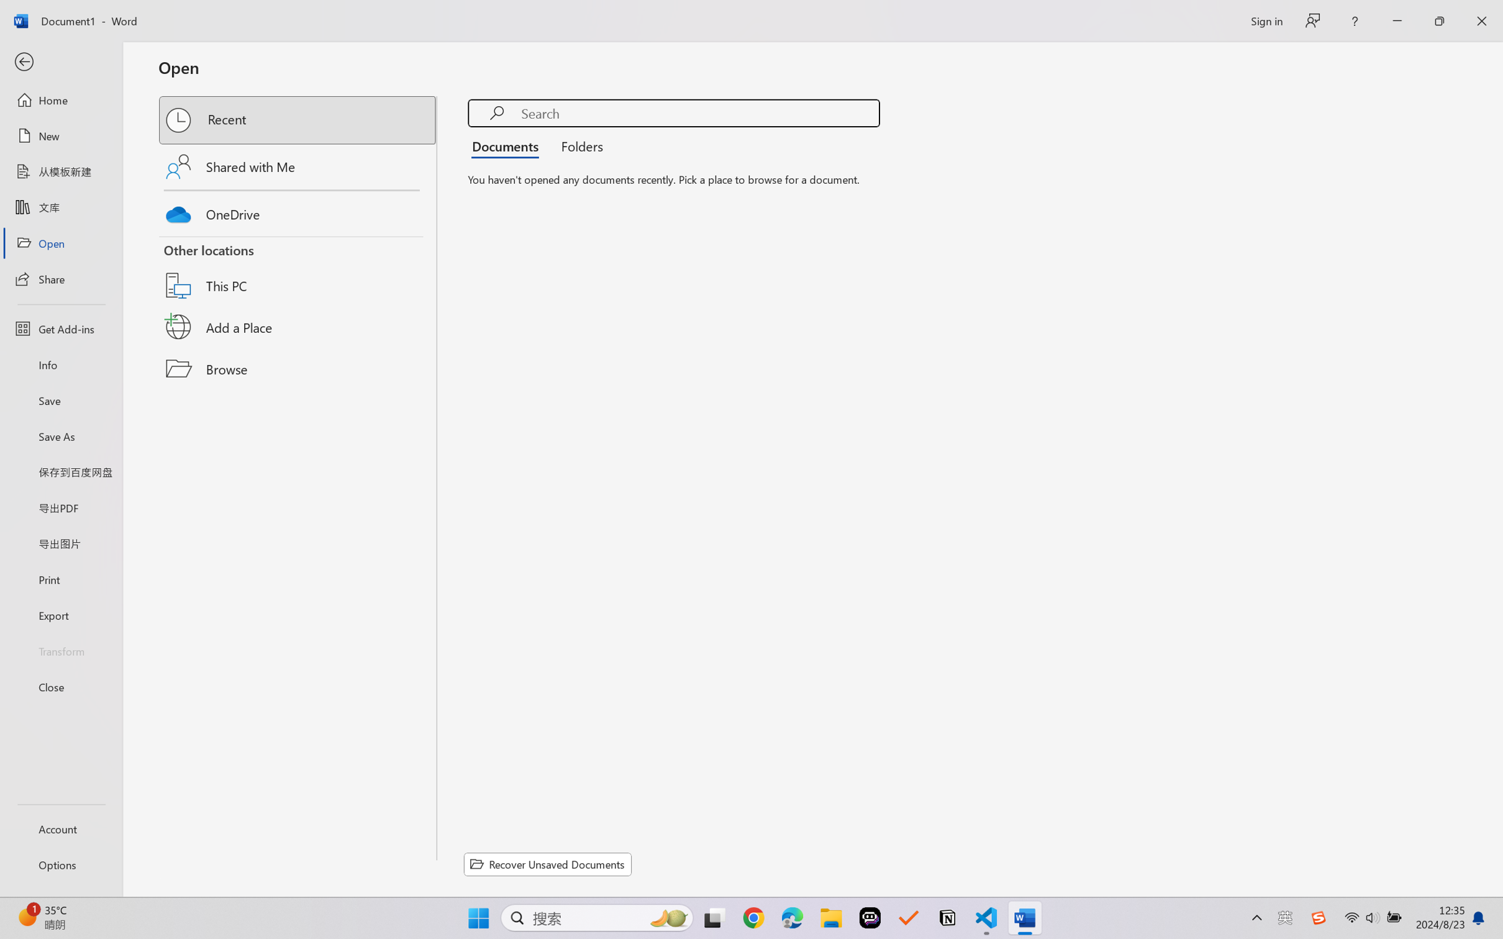 This screenshot has width=1503, height=939. What do you see at coordinates (60, 828) in the screenshot?
I see `'Account'` at bounding box center [60, 828].